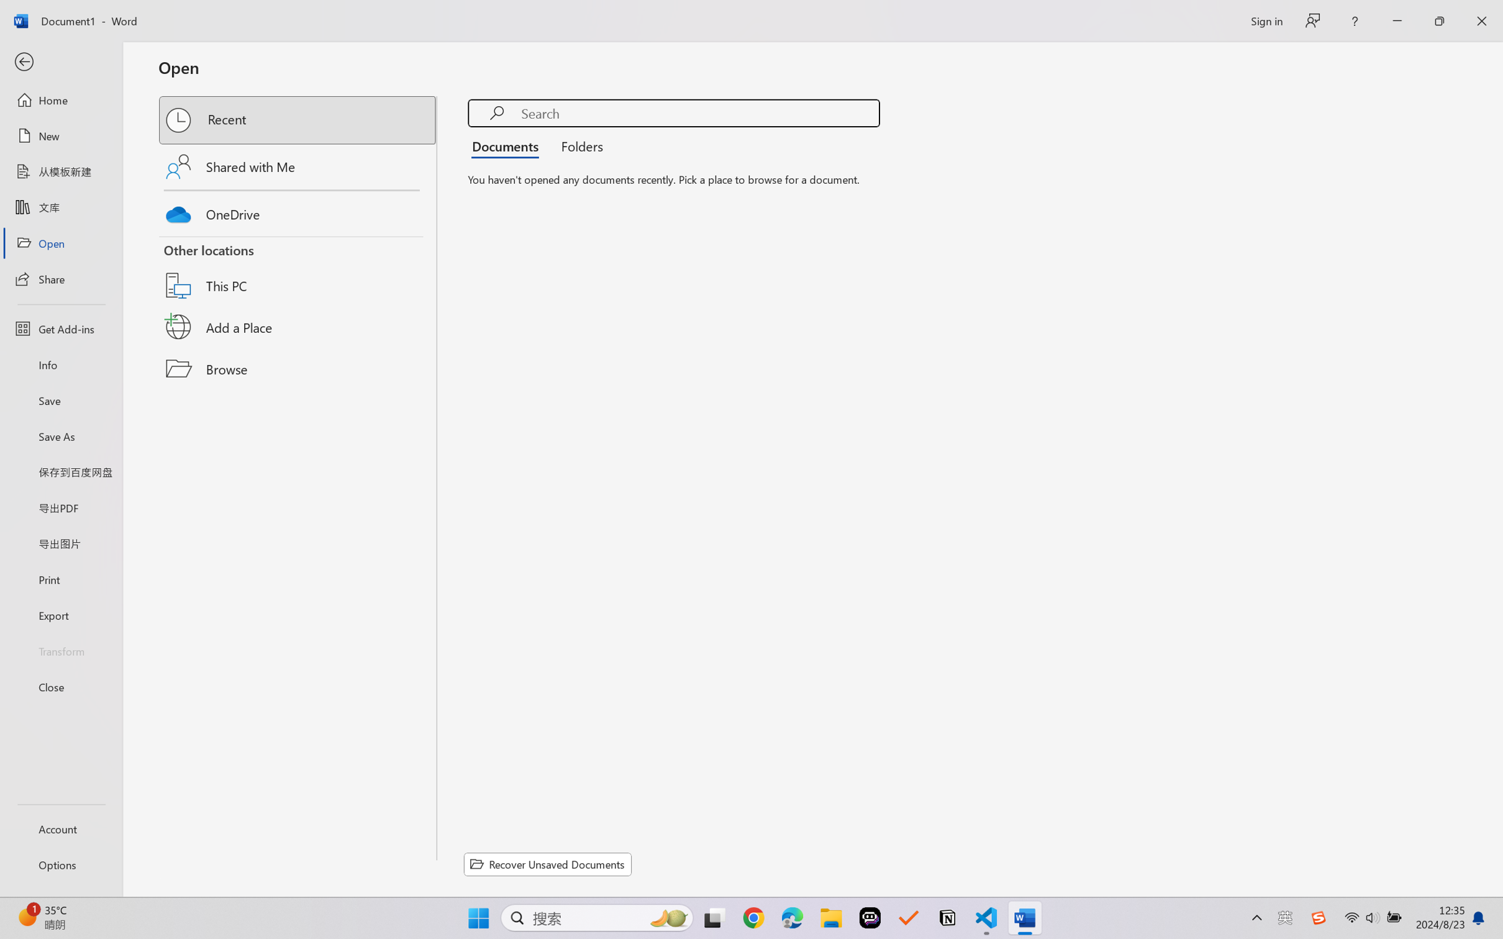 This screenshot has width=1503, height=939. What do you see at coordinates (60, 828) in the screenshot?
I see `'Account'` at bounding box center [60, 828].